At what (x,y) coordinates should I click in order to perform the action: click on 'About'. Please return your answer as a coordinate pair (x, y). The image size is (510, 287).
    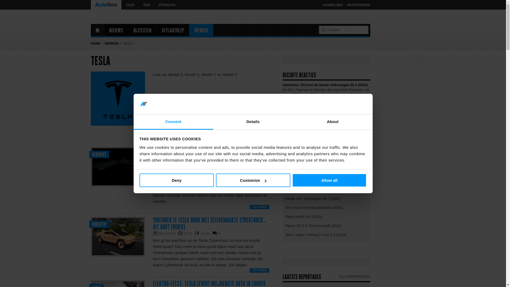
    Looking at the image, I should click on (332, 122).